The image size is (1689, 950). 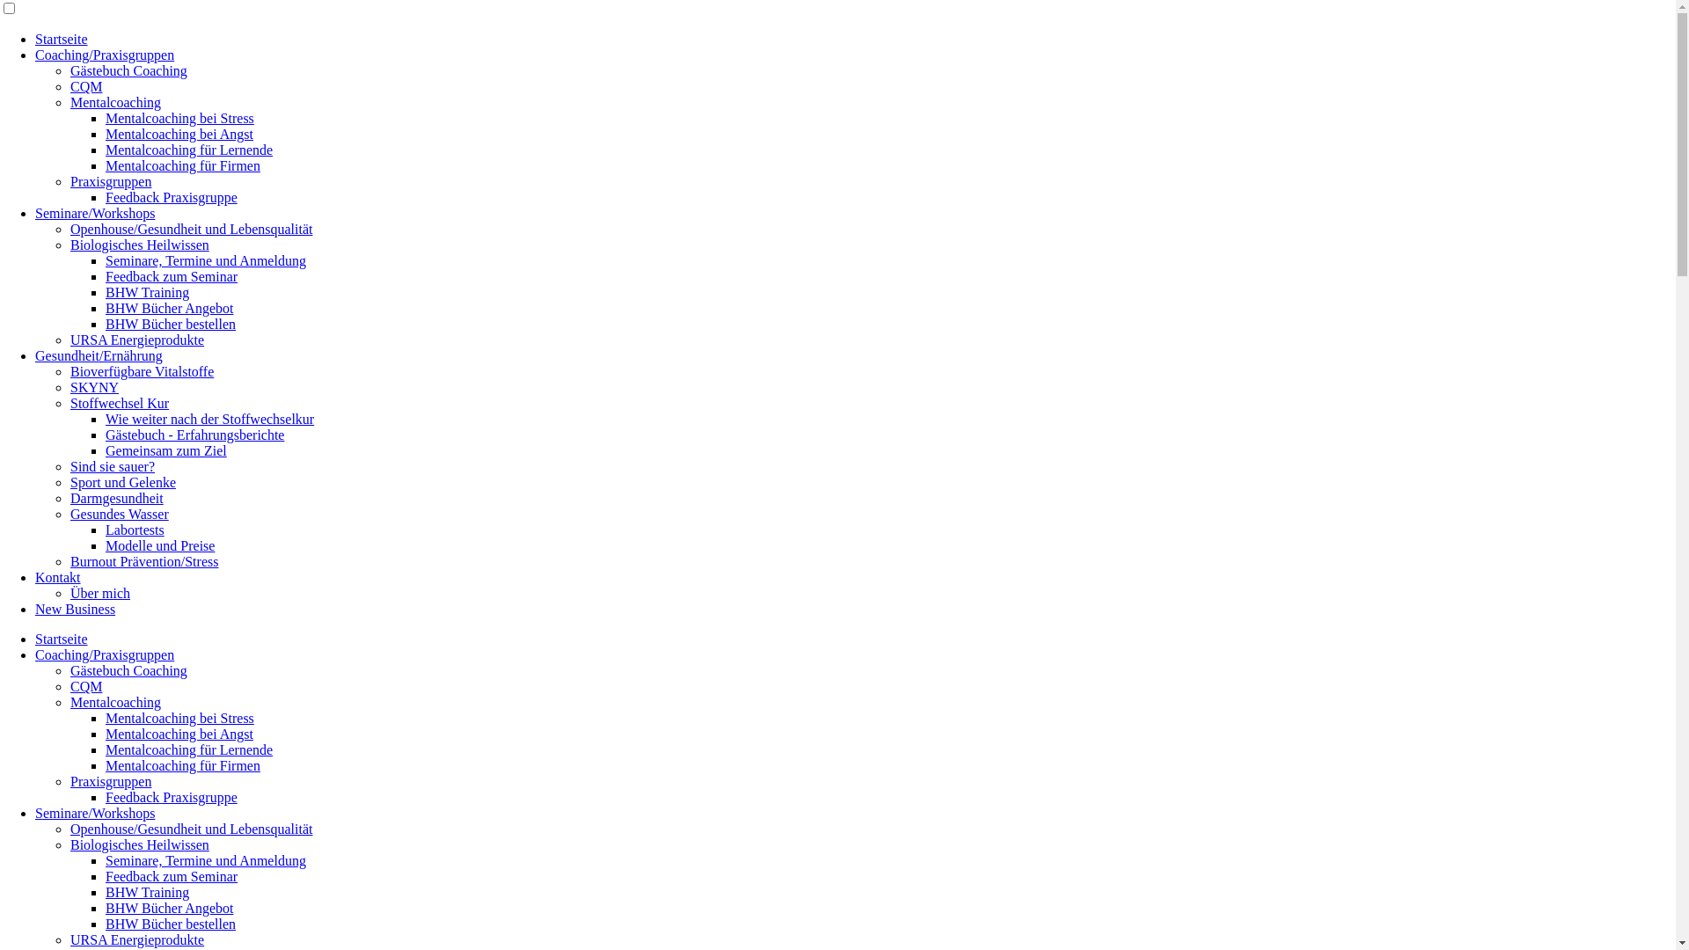 I want to click on 'Labortests', so click(x=134, y=529).